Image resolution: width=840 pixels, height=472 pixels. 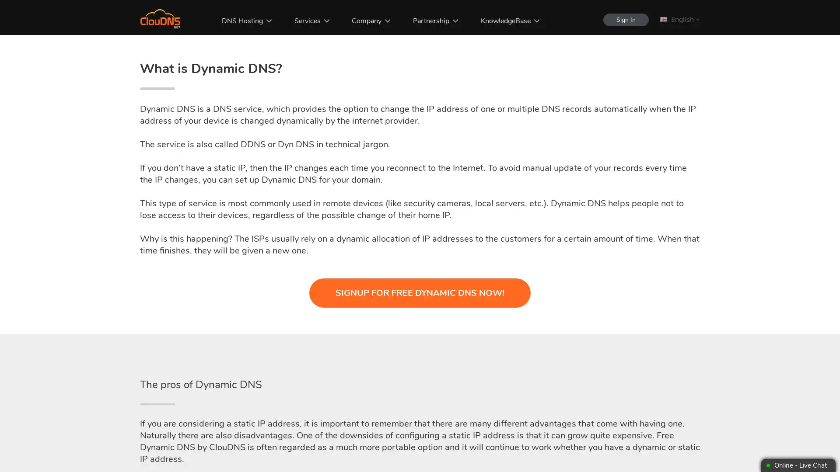 What do you see at coordinates (625, 20) in the screenshot?
I see `Sign In` at bounding box center [625, 20].